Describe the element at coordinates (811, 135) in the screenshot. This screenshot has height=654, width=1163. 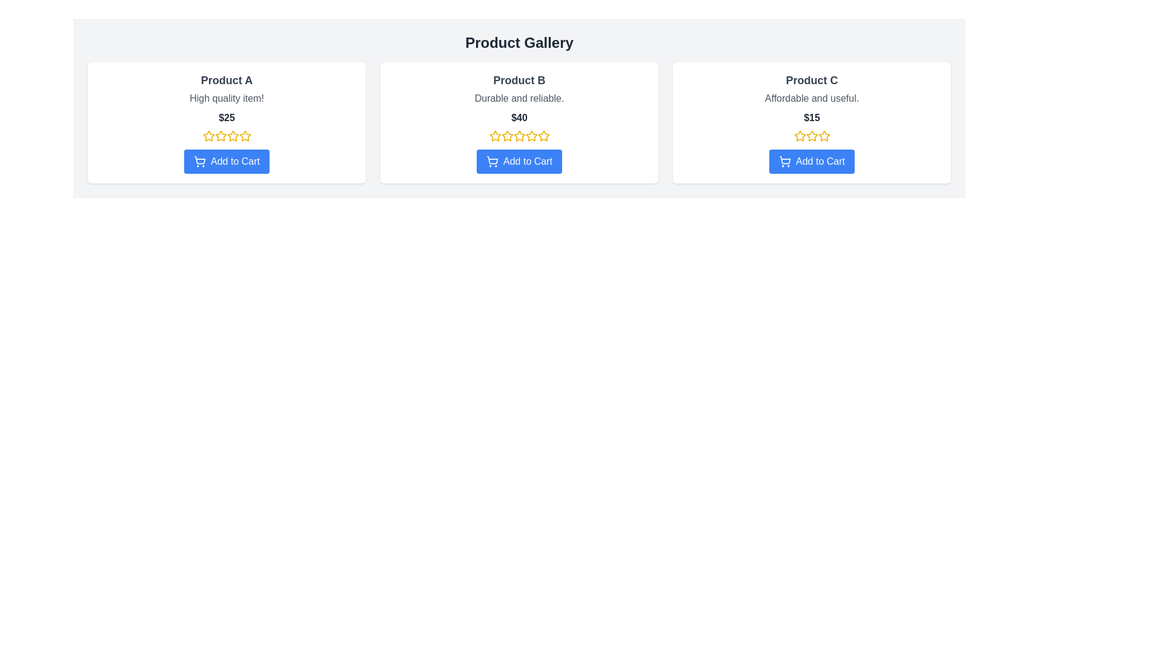
I see `the third golden star icon` at that location.